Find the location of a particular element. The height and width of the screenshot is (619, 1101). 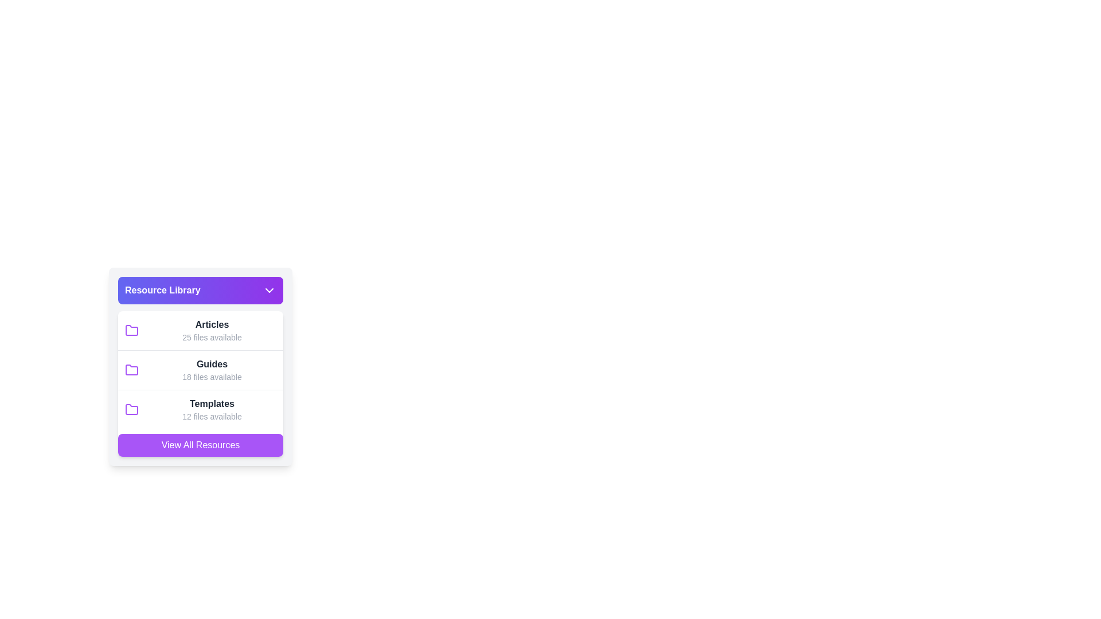

the second folder icon labeled 'Guides' in the 'Resource Library' dropdown menu as a visual cue is located at coordinates (132, 369).